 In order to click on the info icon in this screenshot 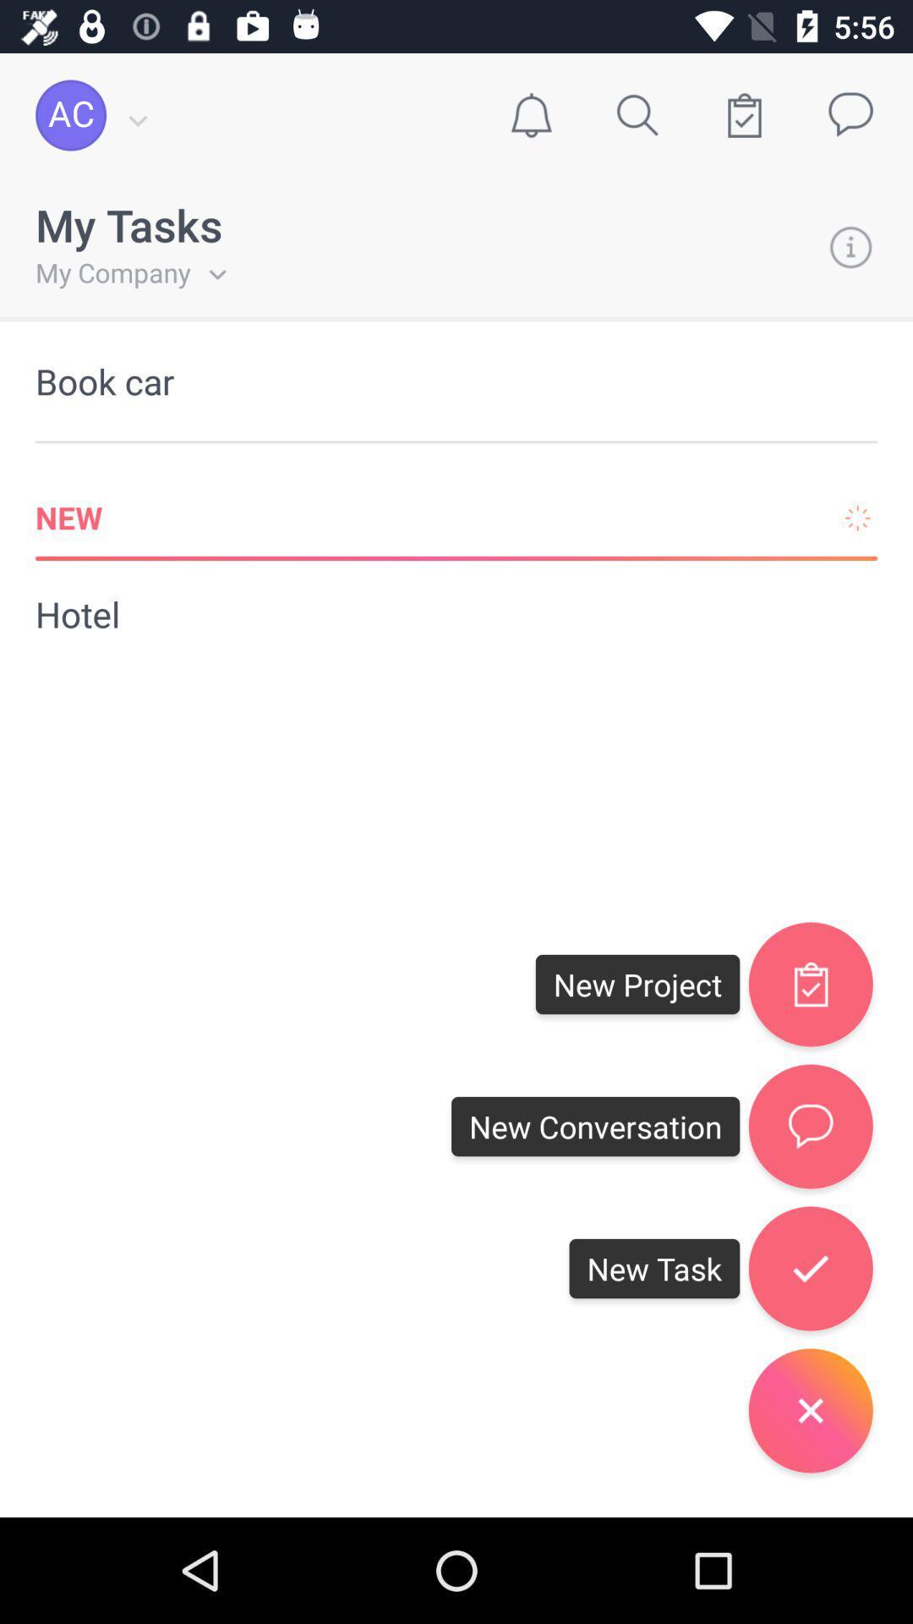, I will do `click(850, 246)`.